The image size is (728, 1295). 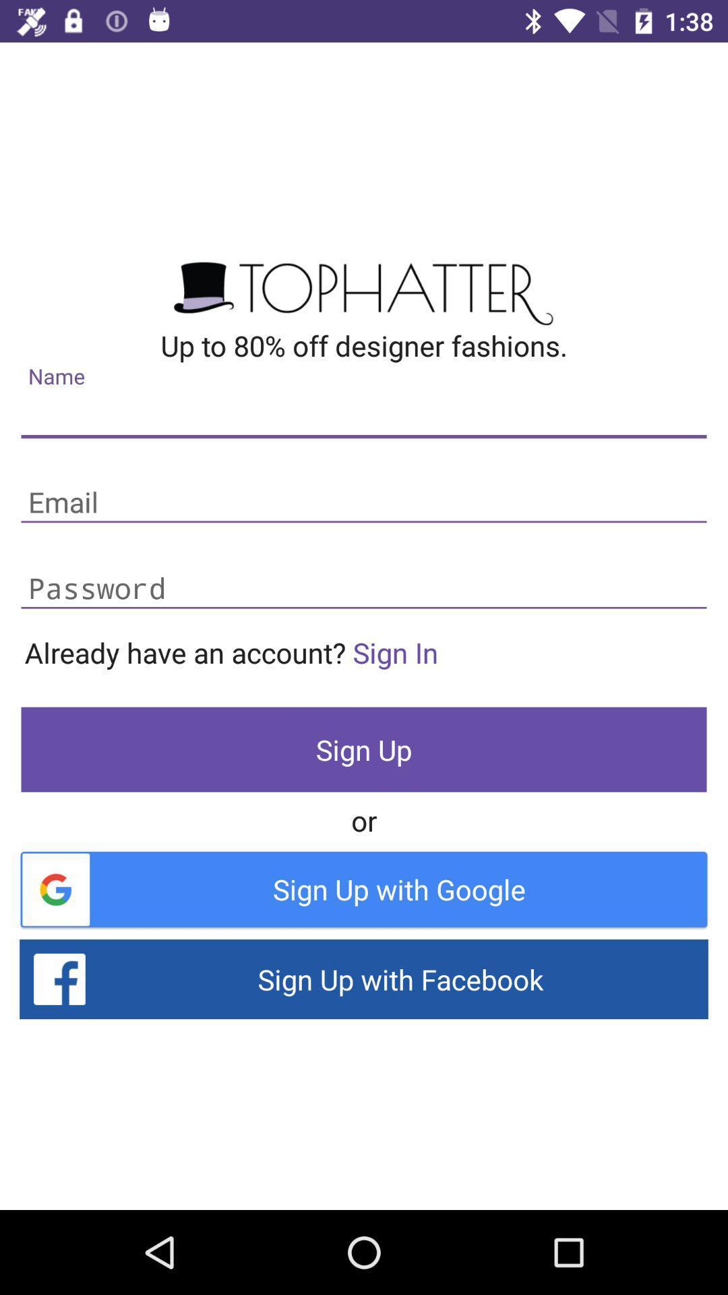 What do you see at coordinates (364, 589) in the screenshot?
I see `password type line` at bounding box center [364, 589].